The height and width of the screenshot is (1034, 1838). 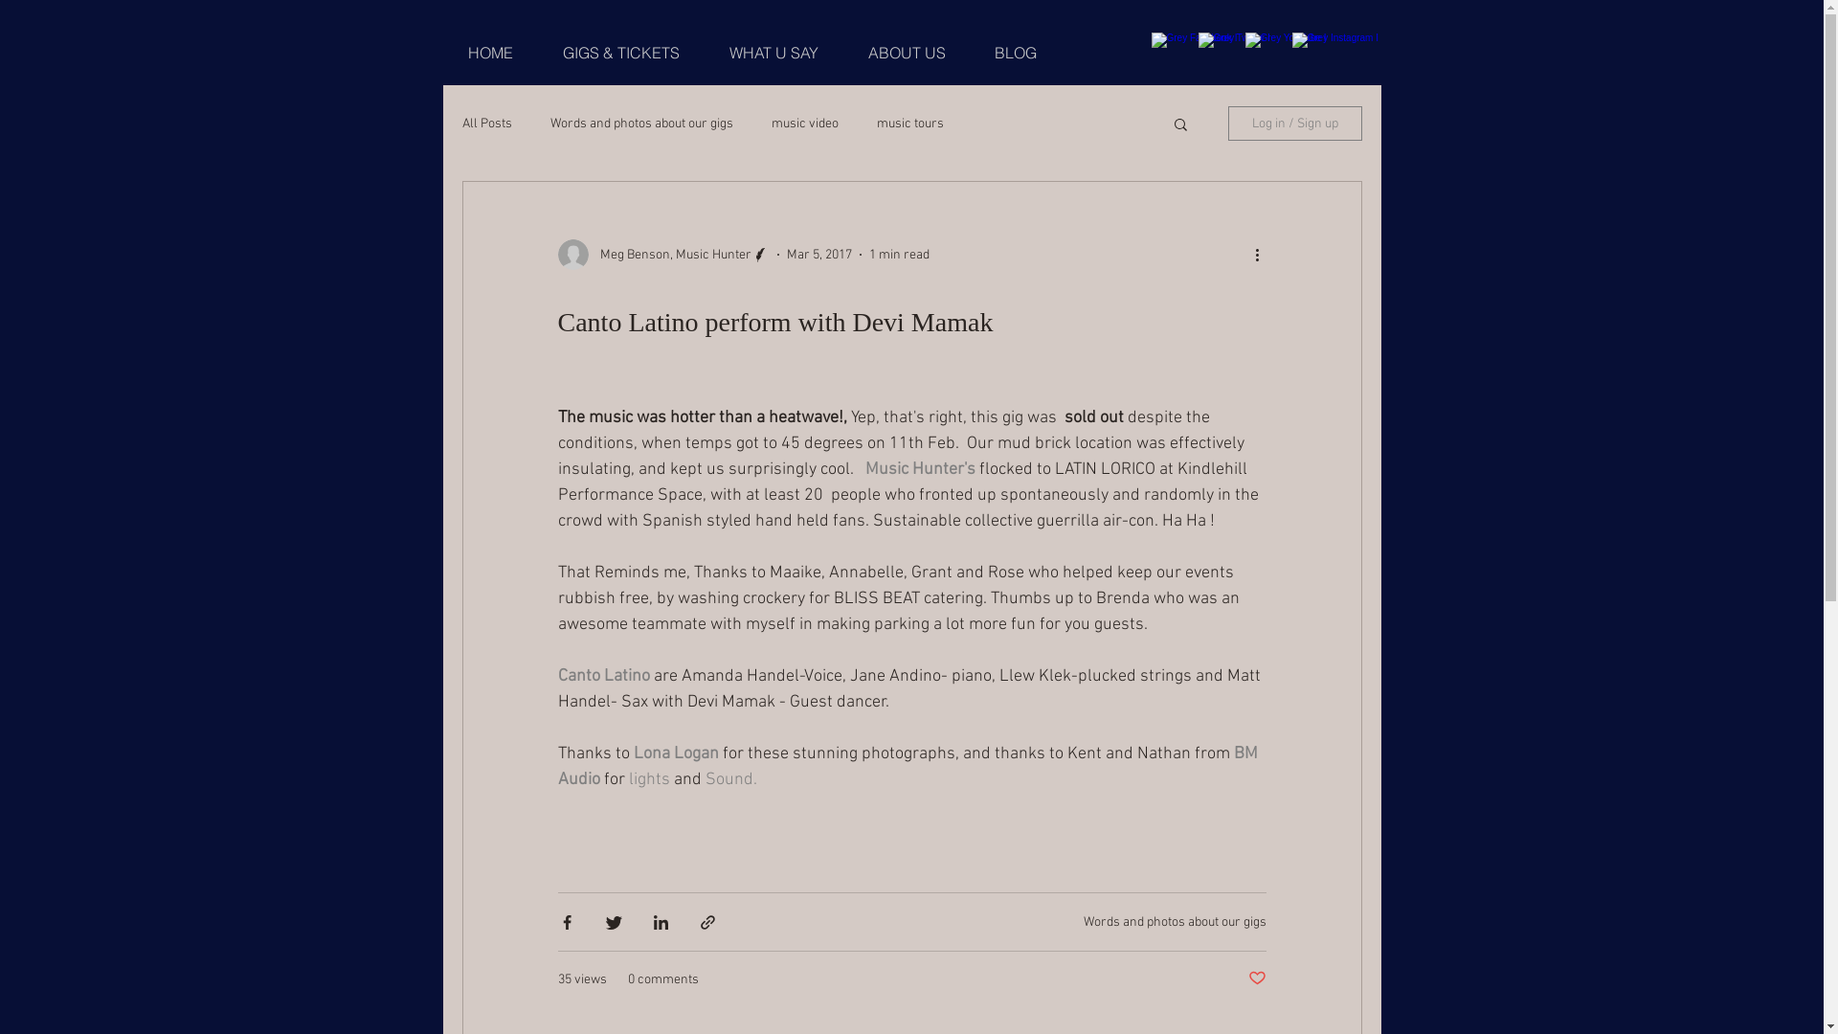 I want to click on 'lights ', so click(x=650, y=779).